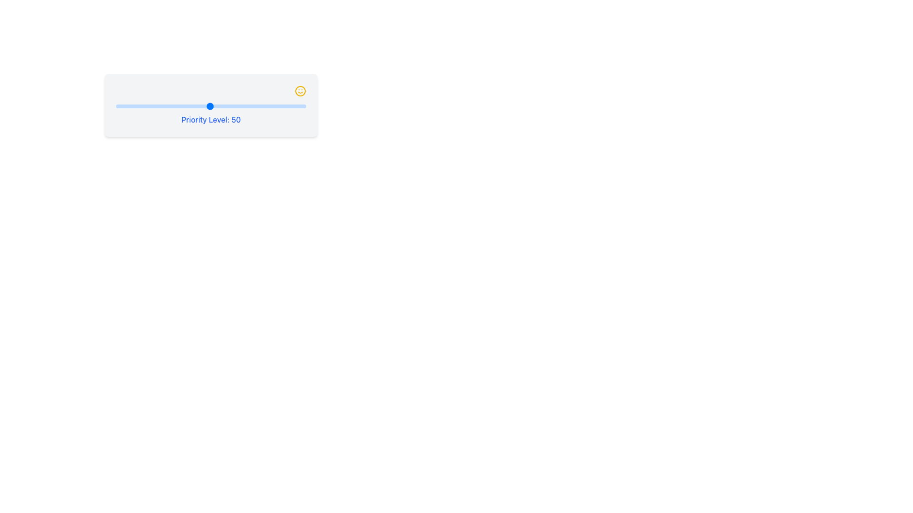 Image resolution: width=913 pixels, height=513 pixels. Describe the element at coordinates (129, 106) in the screenshot. I see `priority level` at that location.